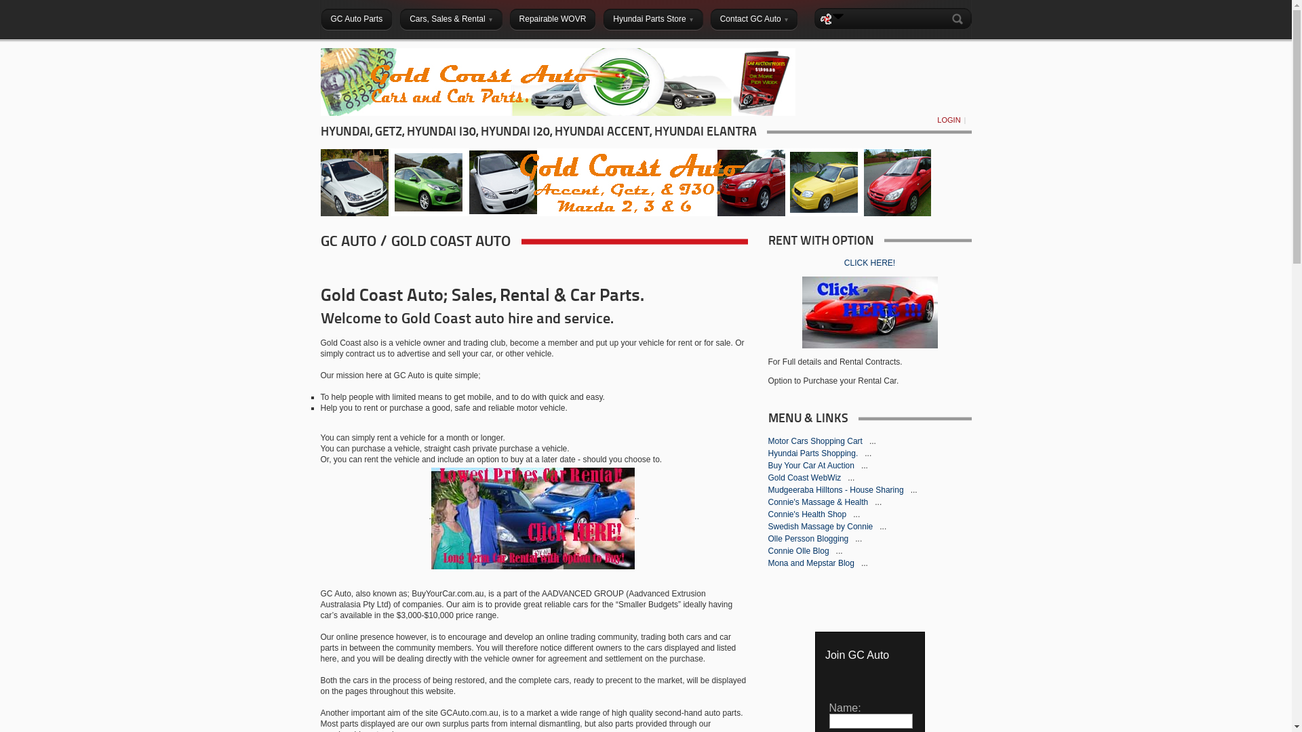  Describe the element at coordinates (818, 502) in the screenshot. I see `'Connie's Massage & Health'` at that location.